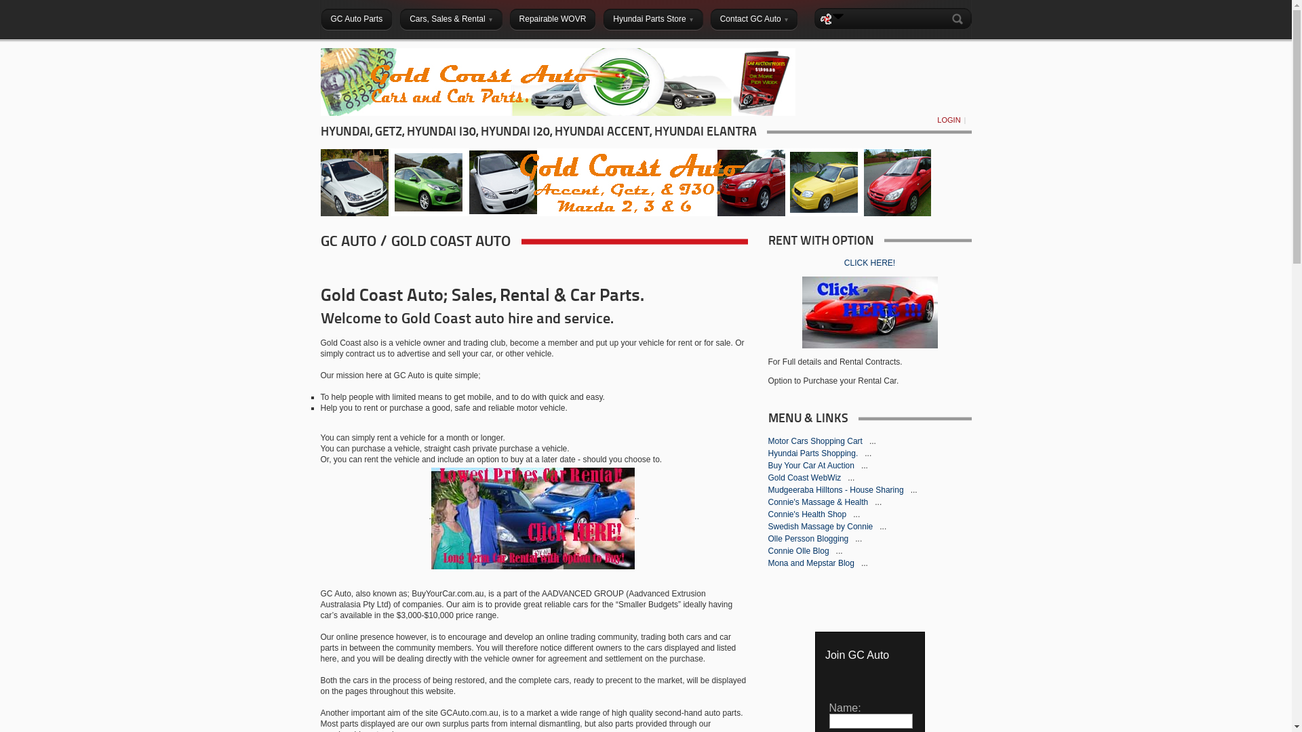  Describe the element at coordinates (818, 502) in the screenshot. I see `'Connie's Massage & Health'` at that location.